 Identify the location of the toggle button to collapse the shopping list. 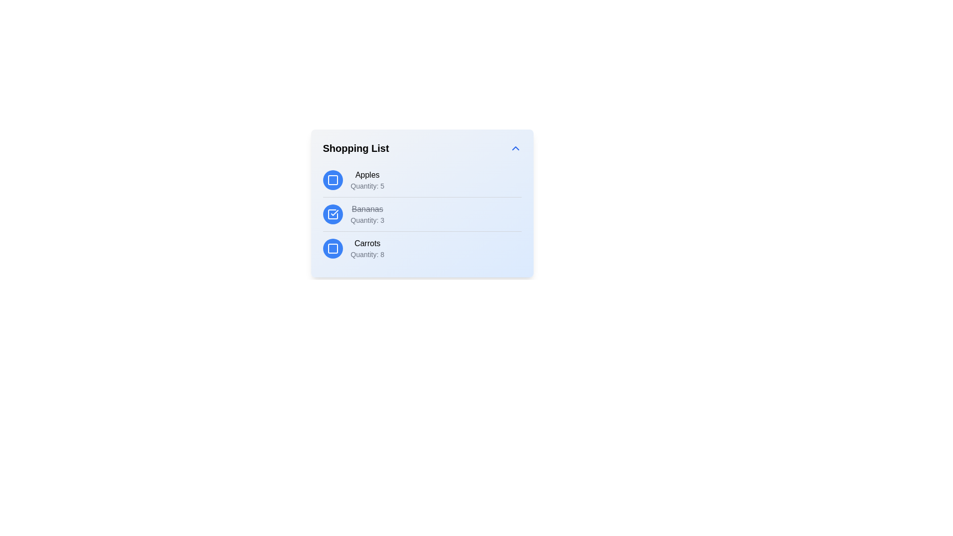
(515, 148).